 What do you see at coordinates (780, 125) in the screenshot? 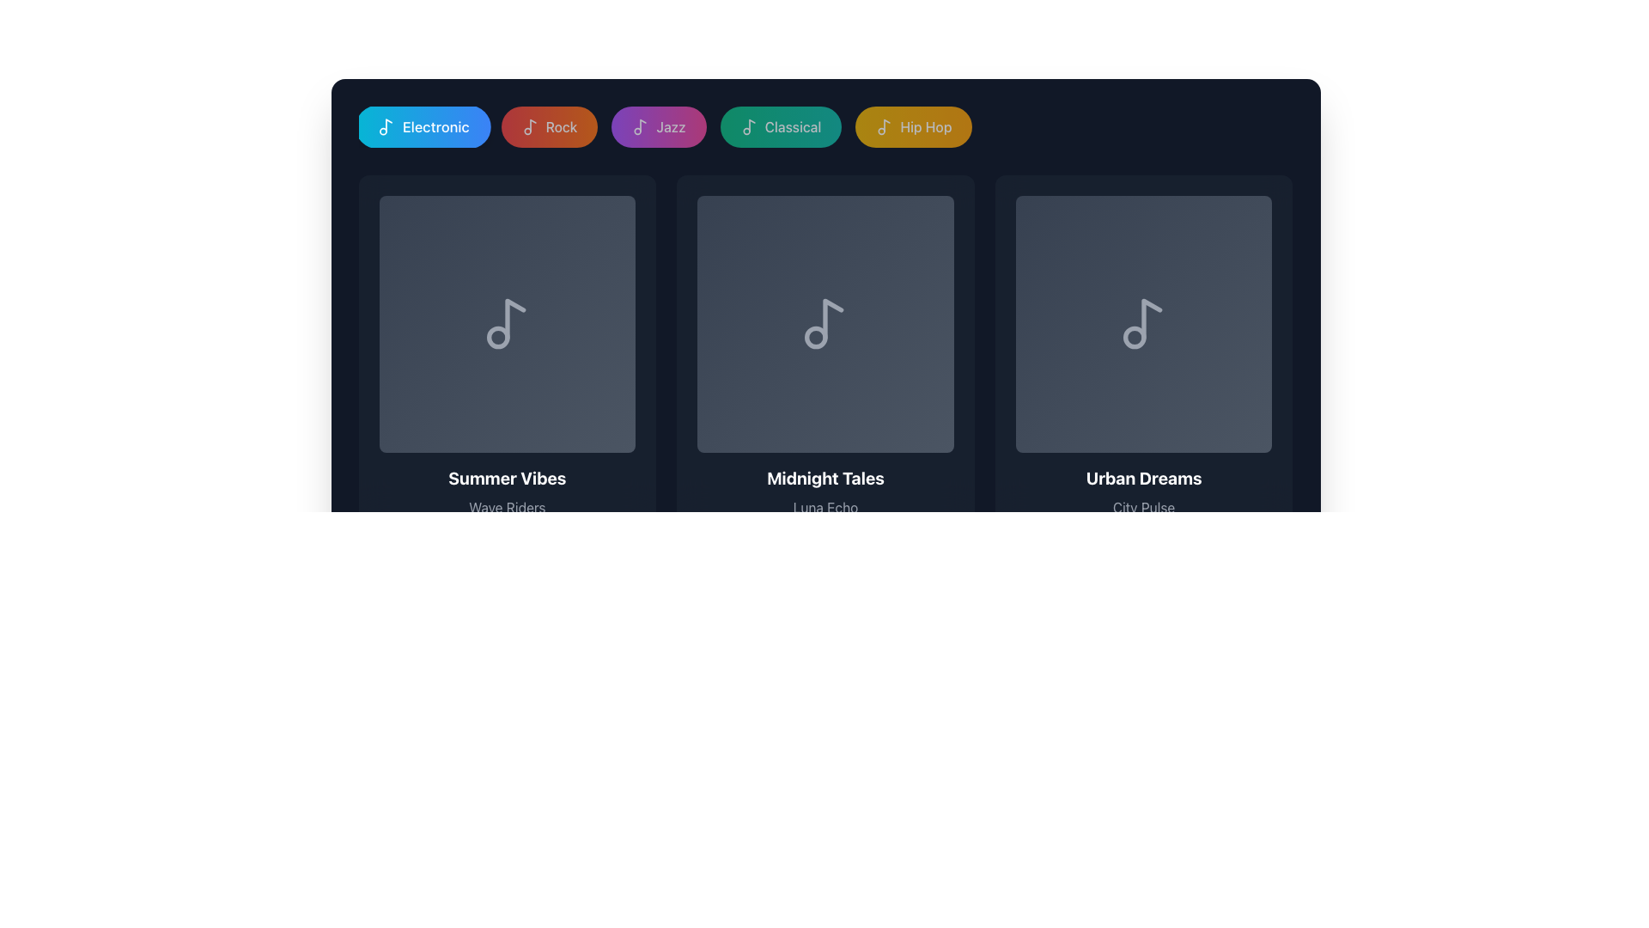
I see `the 'Classical' button, which is the fourth button in a row of genre buttons, styled with a gradient background and an icon resembling a musical note` at bounding box center [780, 125].